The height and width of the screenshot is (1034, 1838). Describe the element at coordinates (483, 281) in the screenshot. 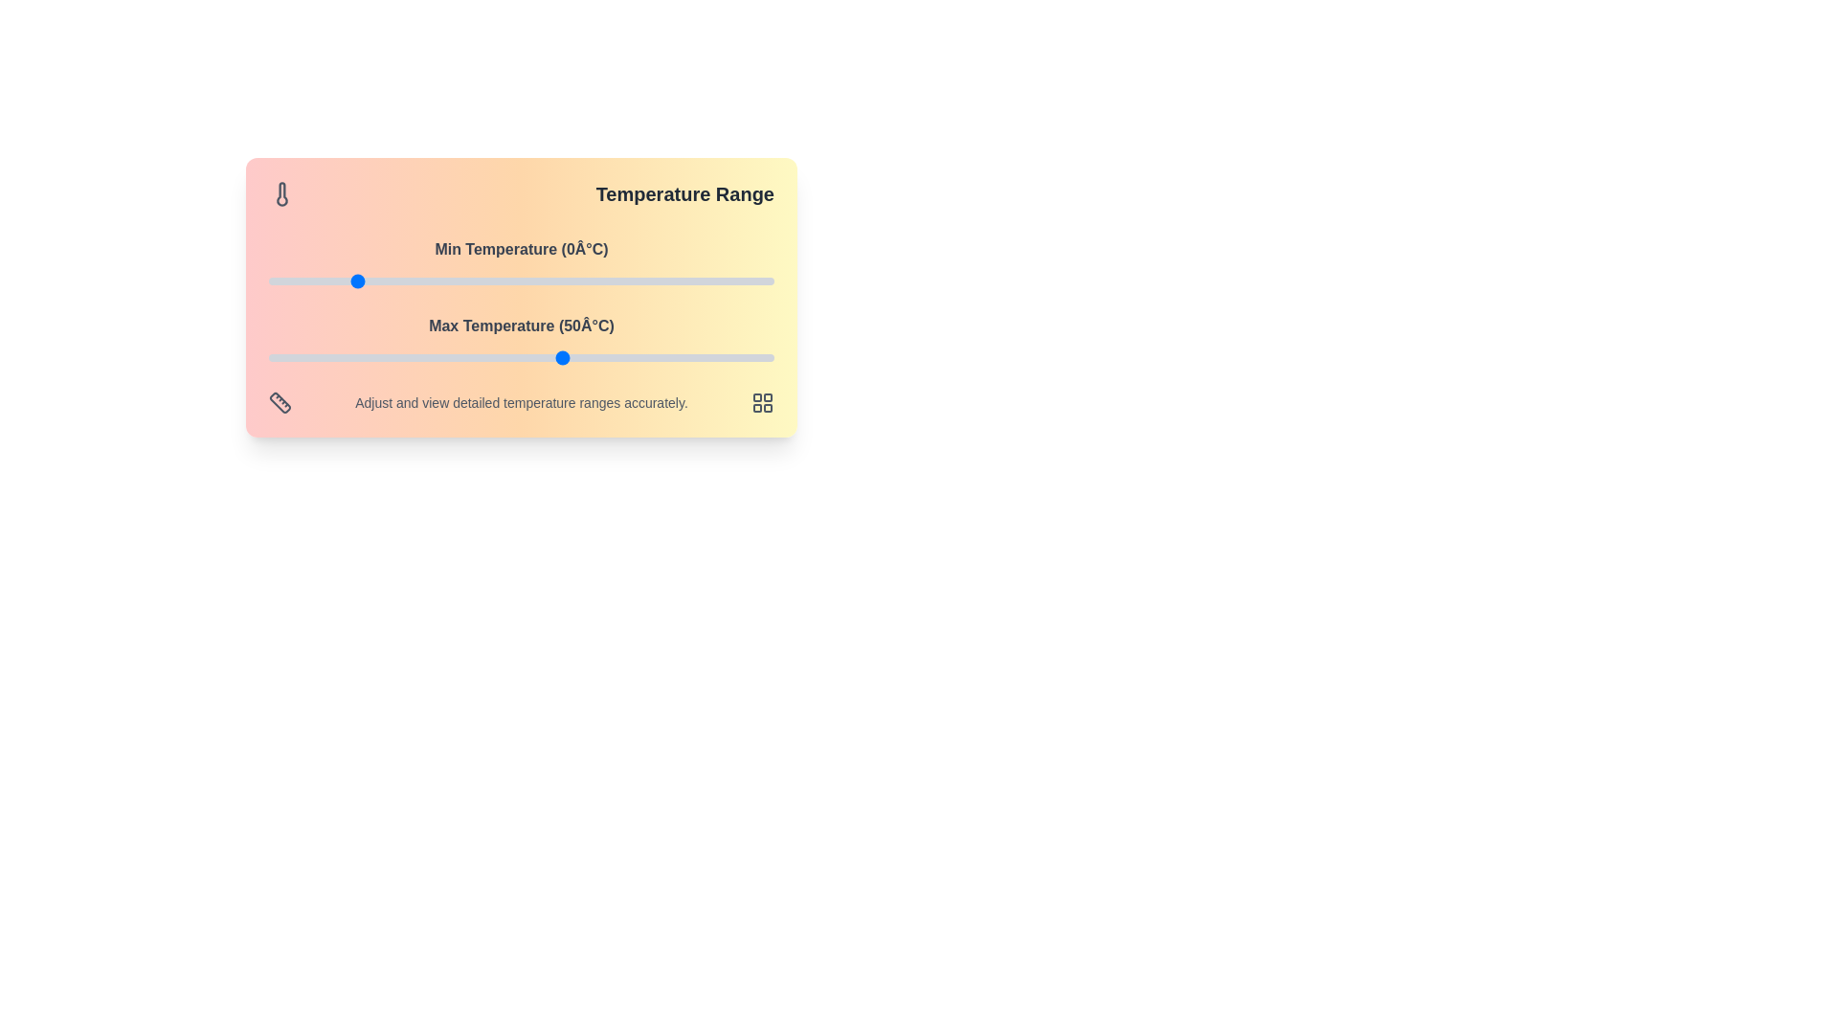

I see `the minimum temperature slider to 31°C` at that location.